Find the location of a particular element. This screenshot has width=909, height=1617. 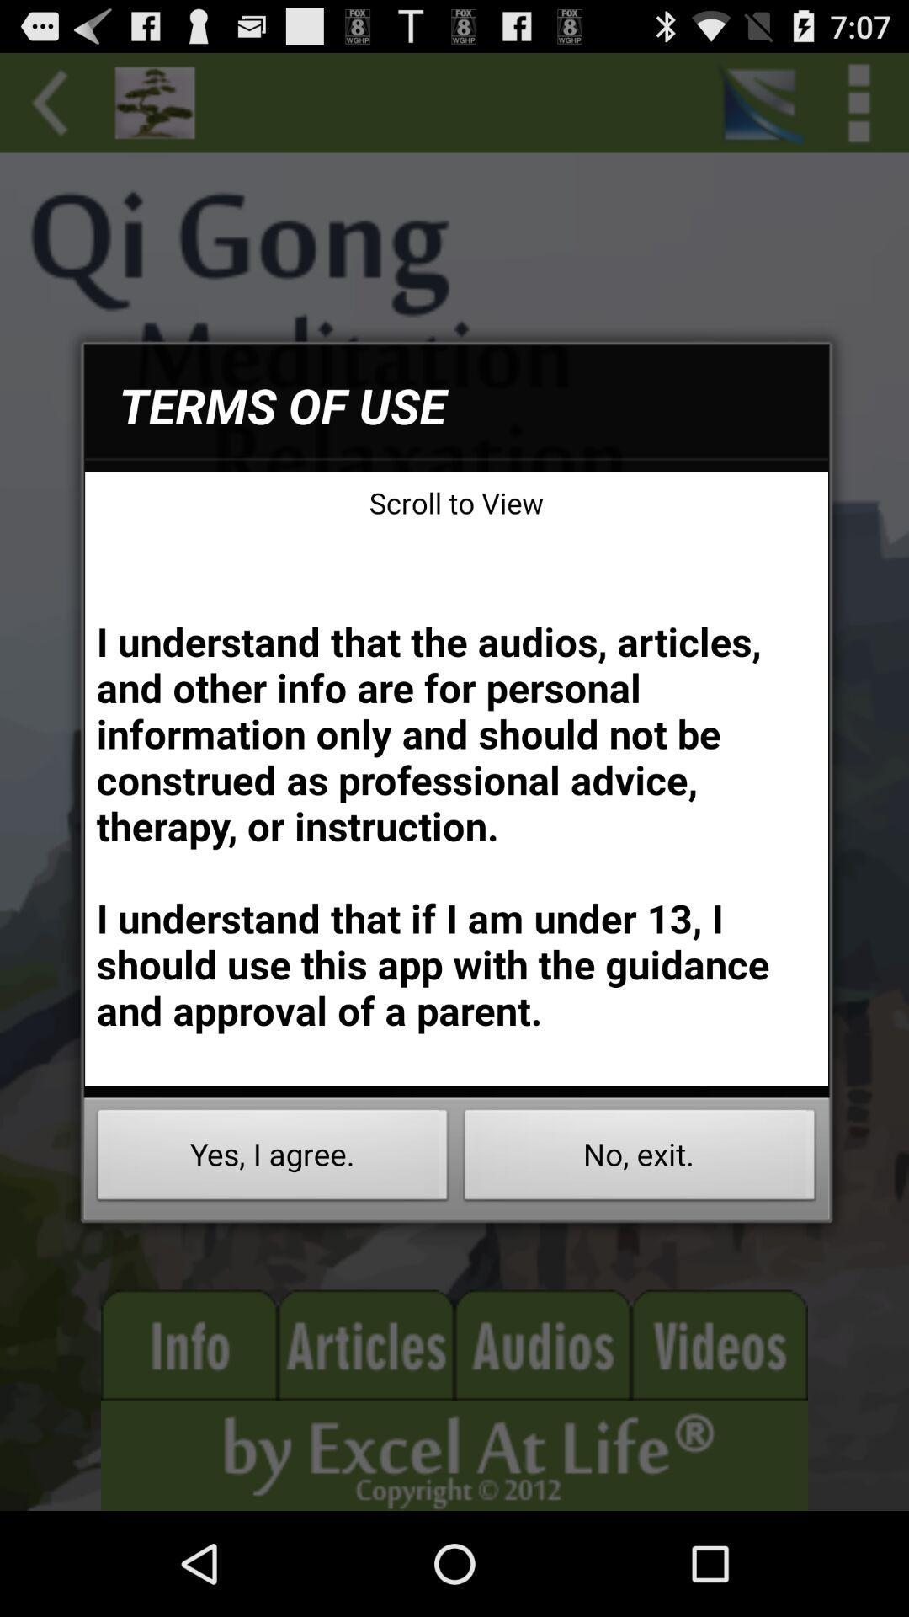

the icon below the i understand that app is located at coordinates (640, 1159).